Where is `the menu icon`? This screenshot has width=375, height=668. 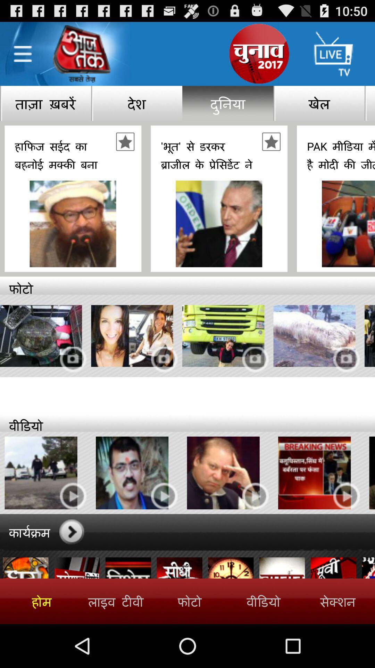
the menu icon is located at coordinates (22, 57).